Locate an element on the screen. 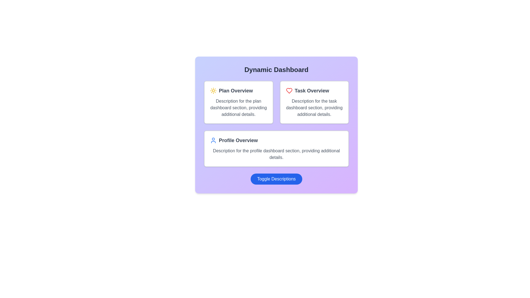  the blue user icon styled as an outline of a person, located to the left of the 'Profile Overview' text is located at coordinates (213, 140).